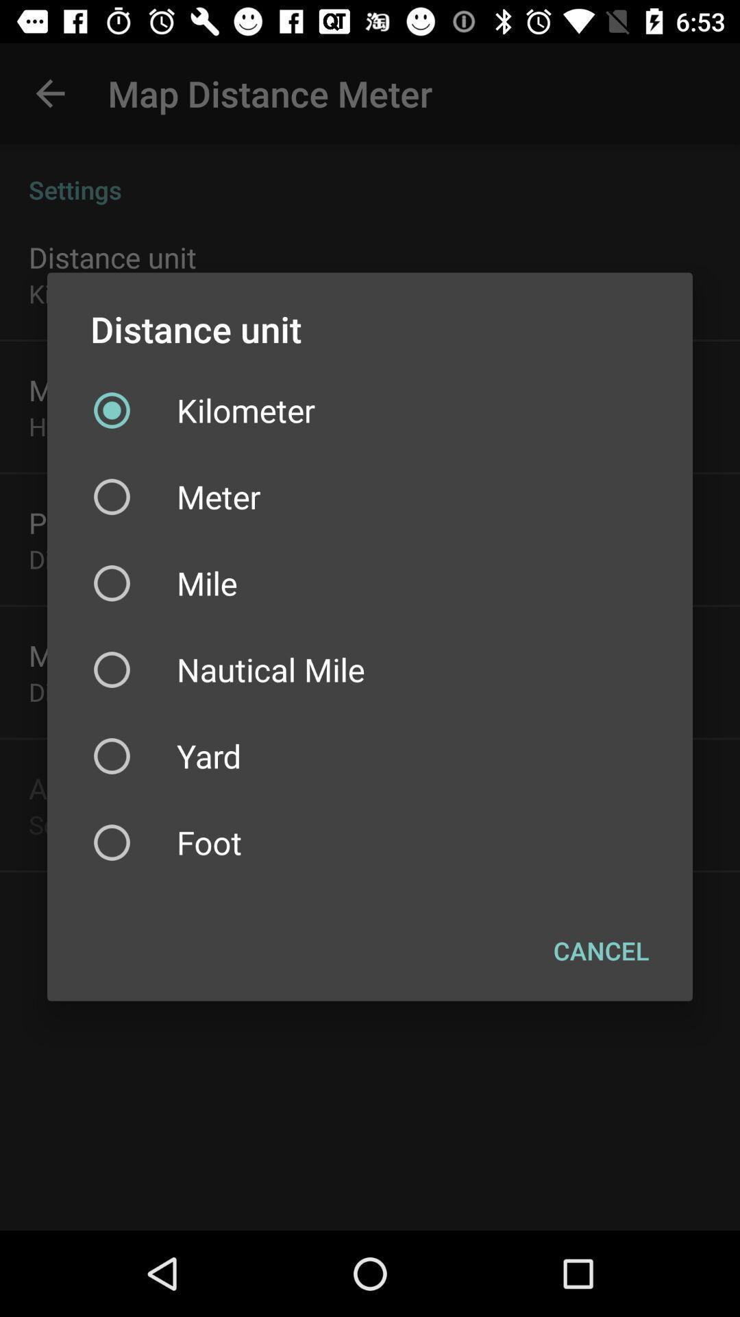  What do you see at coordinates (600, 950) in the screenshot?
I see `the cancel item` at bounding box center [600, 950].